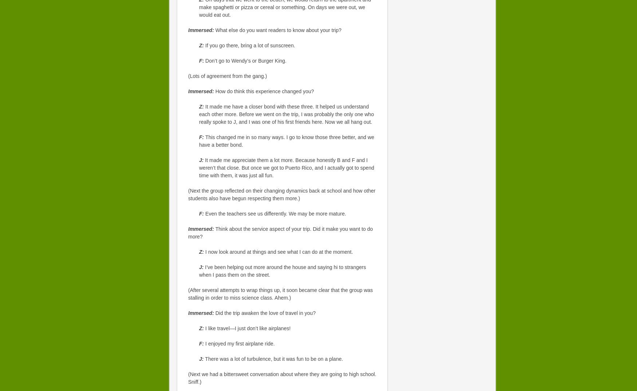 This screenshot has height=391, width=637. I want to click on '(Lots of agreement from the gang.)', so click(227, 76).